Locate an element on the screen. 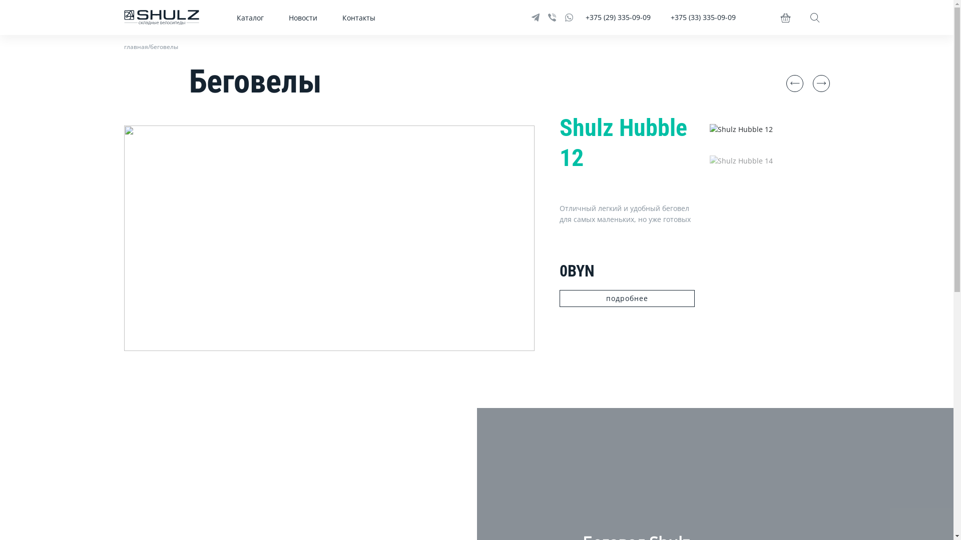 This screenshot has height=540, width=961. 'Shulz Hubble 14' is located at coordinates (741, 159).